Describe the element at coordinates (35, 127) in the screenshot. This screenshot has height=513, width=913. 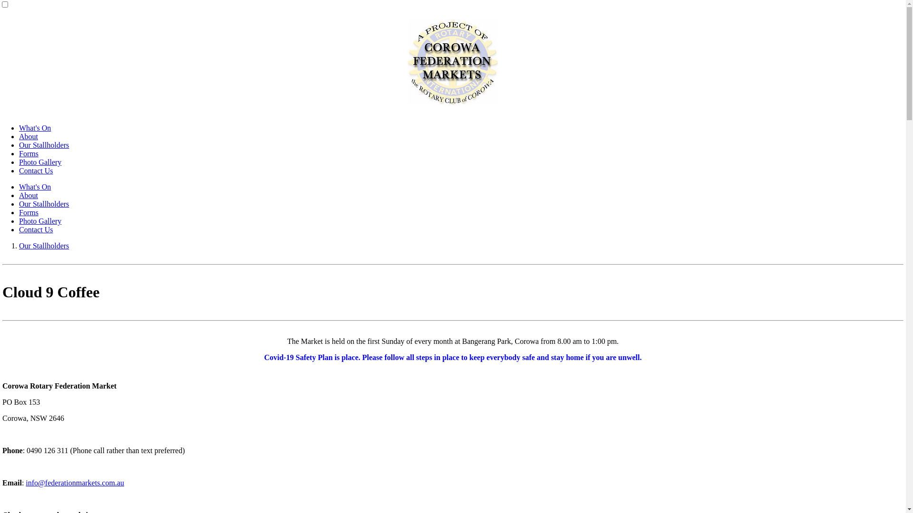
I see `'What's On'` at that location.